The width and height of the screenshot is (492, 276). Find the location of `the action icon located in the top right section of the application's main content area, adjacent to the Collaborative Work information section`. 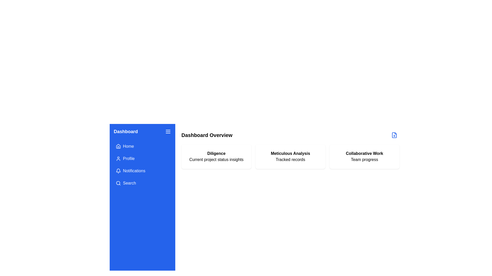

the action icon located in the top right section of the application's main content area, adjacent to the Collaborative Work information section is located at coordinates (394, 135).